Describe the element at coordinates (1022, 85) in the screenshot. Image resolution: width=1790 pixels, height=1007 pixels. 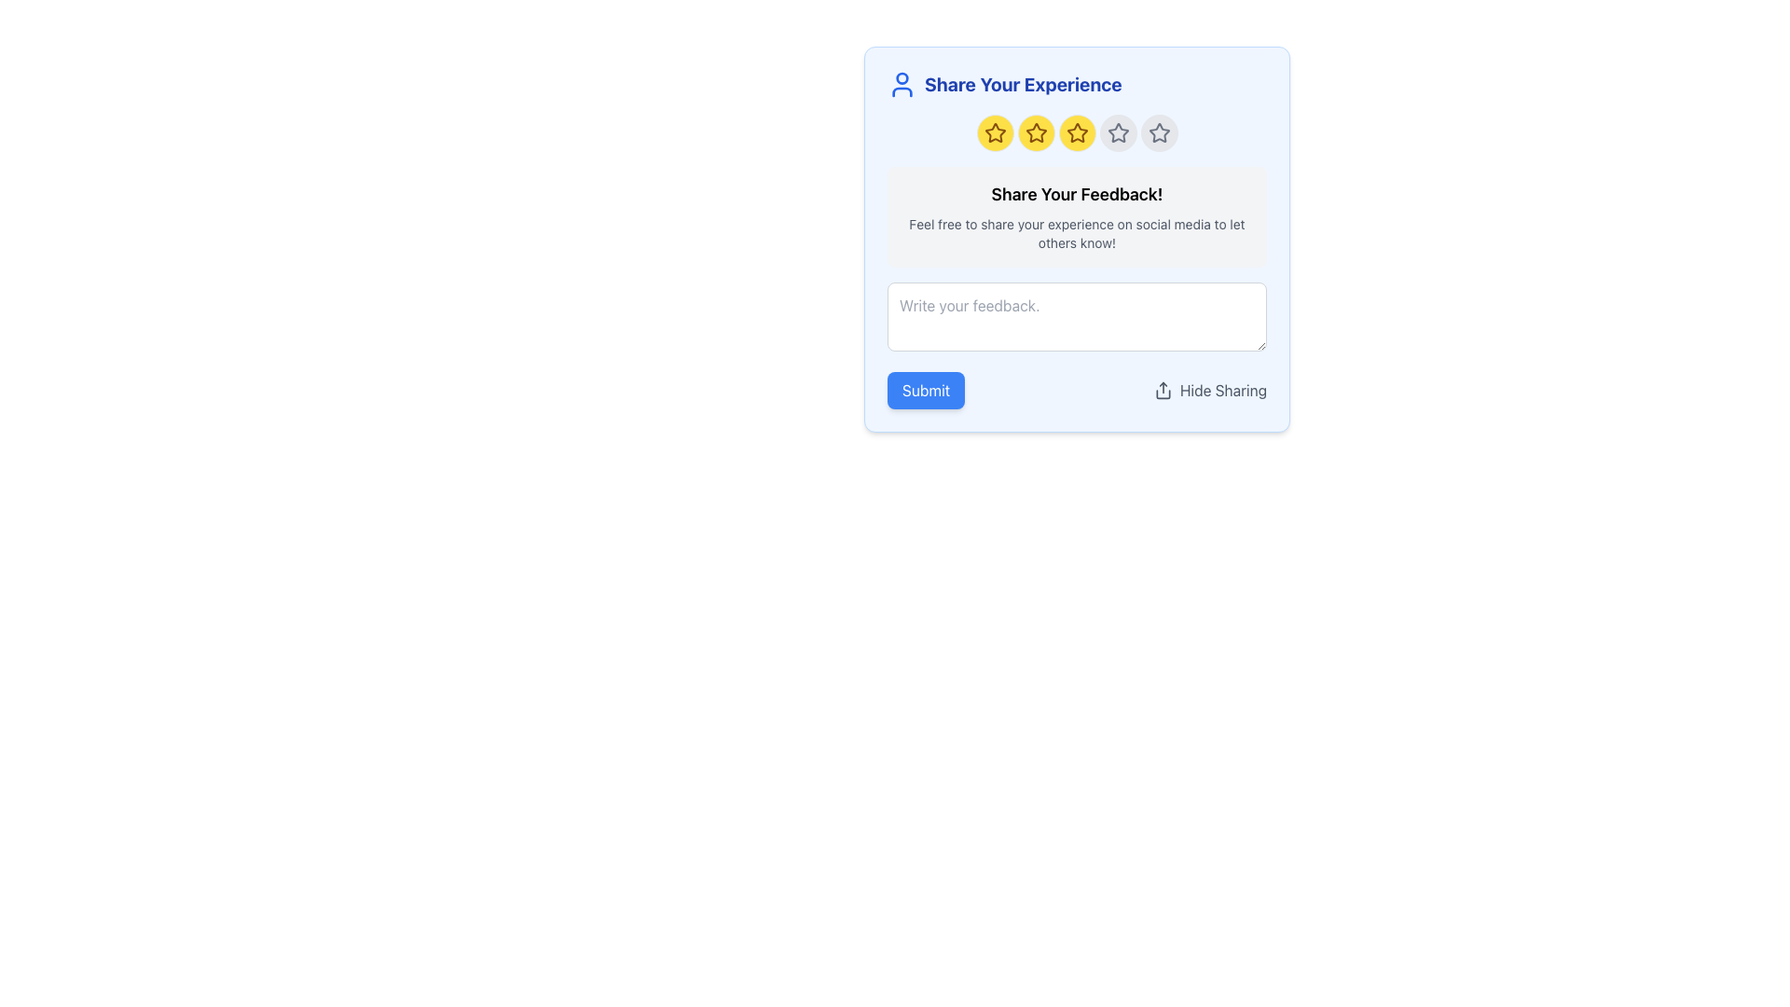
I see `the bold, extra-large text label 'Share Your Experience' which is styled in blue and positioned above the rating stars, adjacent to a user avatar icon` at that location.